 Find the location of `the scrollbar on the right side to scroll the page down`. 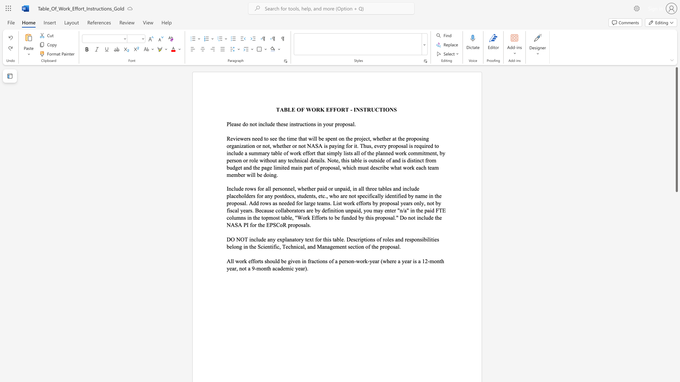

the scrollbar on the right side to scroll the page down is located at coordinates (676, 282).